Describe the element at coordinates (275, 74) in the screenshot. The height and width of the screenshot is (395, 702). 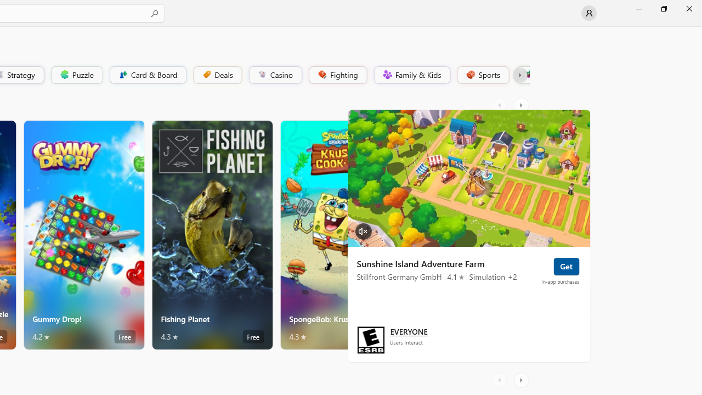
I see `'Casino'` at that location.